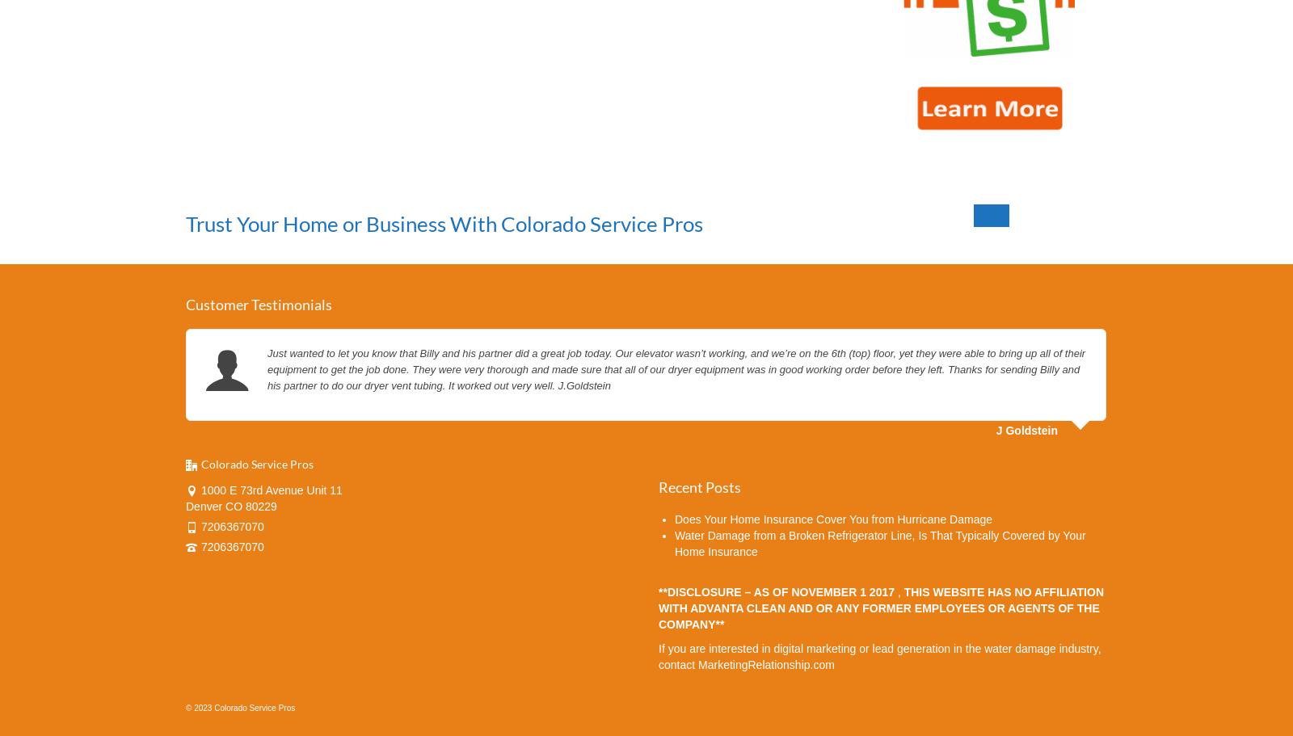 The width and height of the screenshot is (1293, 736). What do you see at coordinates (765, 662) in the screenshot?
I see `'MarketingRelationship.com'` at bounding box center [765, 662].